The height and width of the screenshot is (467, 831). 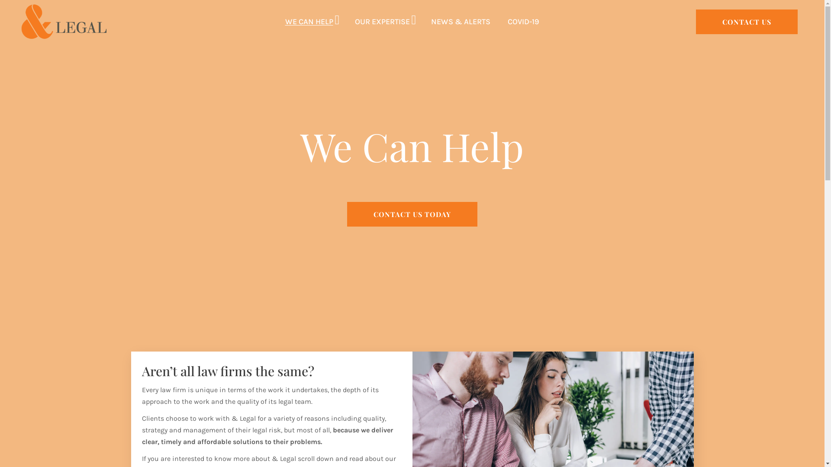 What do you see at coordinates (412, 214) in the screenshot?
I see `'CONTACT US TODAY'` at bounding box center [412, 214].